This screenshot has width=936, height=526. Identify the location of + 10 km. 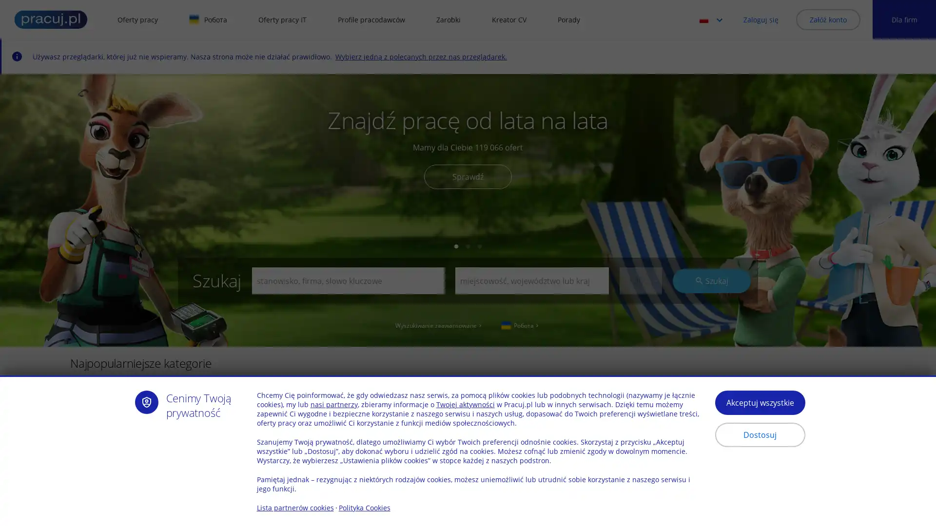
(640, 330).